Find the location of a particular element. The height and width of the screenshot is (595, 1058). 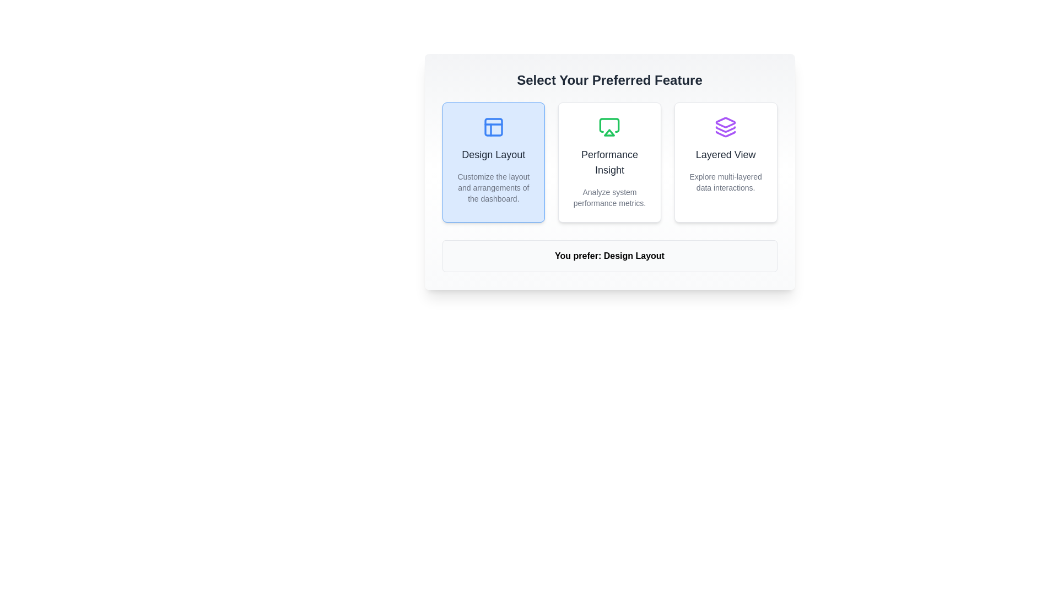

text of the heading element that says 'Select Your Preferred Feature', which is styled in bold medium gray and positioned at the top of the card-style layout is located at coordinates (609, 80).